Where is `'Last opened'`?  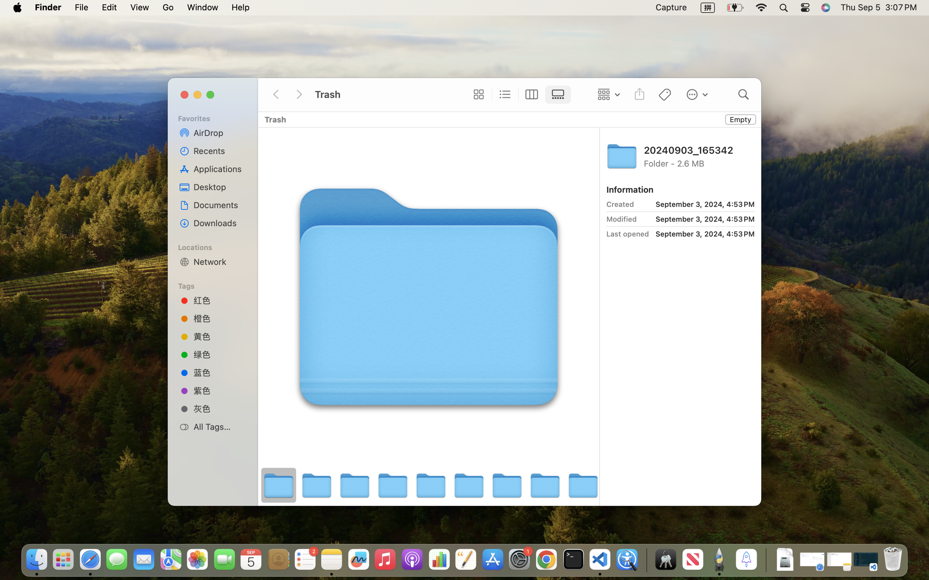 'Last opened' is located at coordinates (627, 233).